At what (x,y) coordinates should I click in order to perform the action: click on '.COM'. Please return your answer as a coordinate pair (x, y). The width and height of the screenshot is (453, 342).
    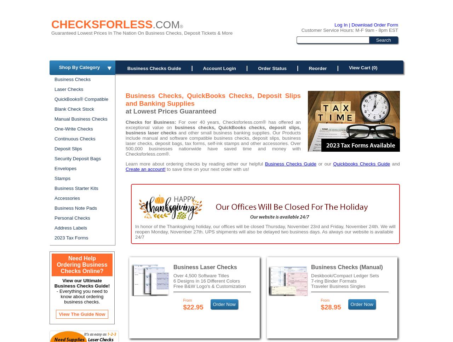
    Looking at the image, I should click on (165, 24).